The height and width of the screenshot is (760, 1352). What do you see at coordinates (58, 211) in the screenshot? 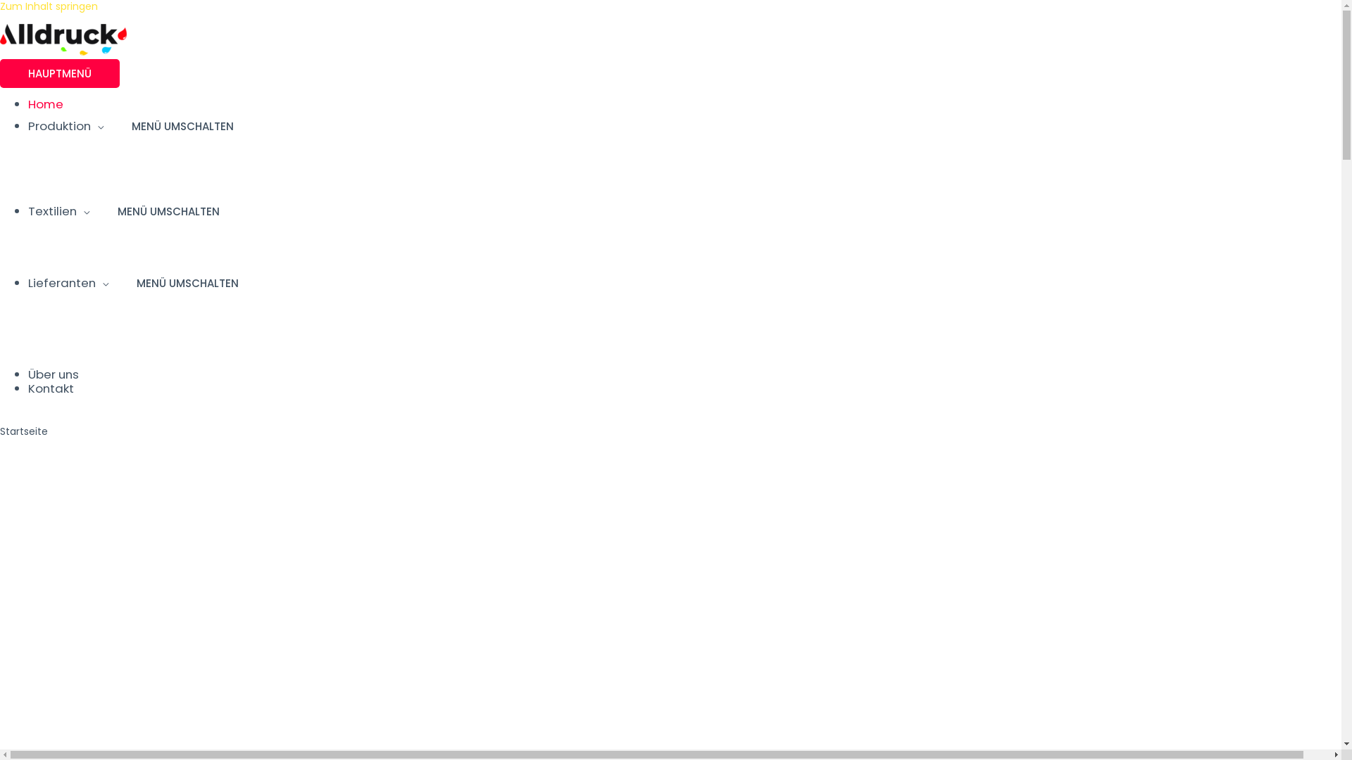
I see `'Textilien'` at bounding box center [58, 211].